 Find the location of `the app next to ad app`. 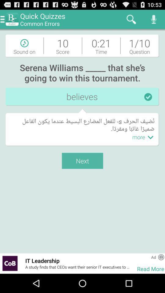

the app next to ad app is located at coordinates (161, 257).